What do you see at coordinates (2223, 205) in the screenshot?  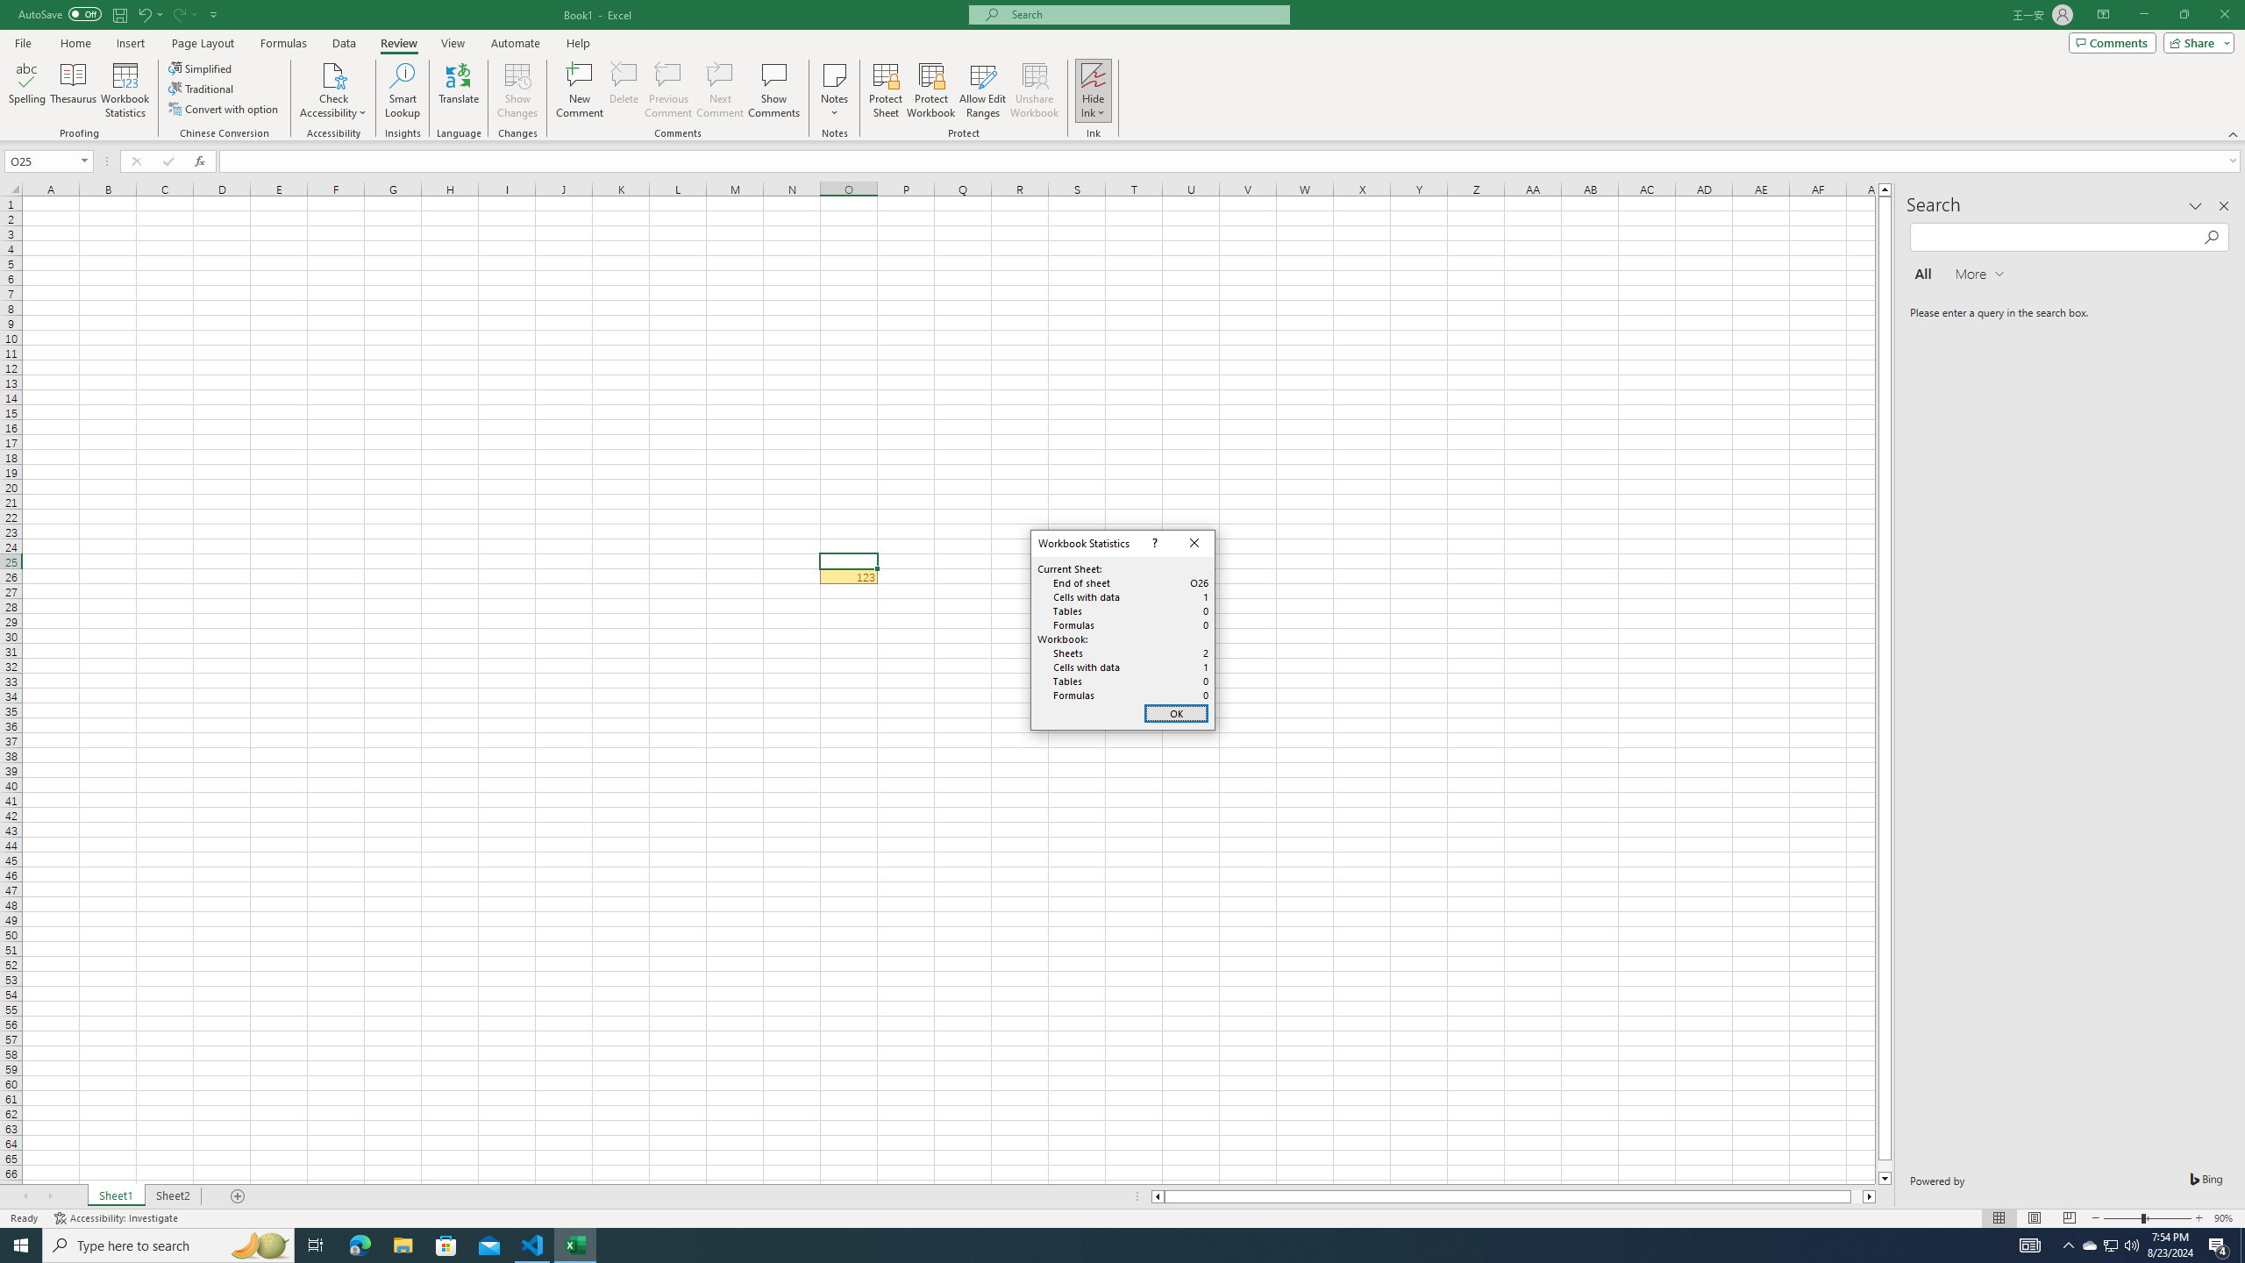 I see `'Close pane'` at bounding box center [2223, 205].